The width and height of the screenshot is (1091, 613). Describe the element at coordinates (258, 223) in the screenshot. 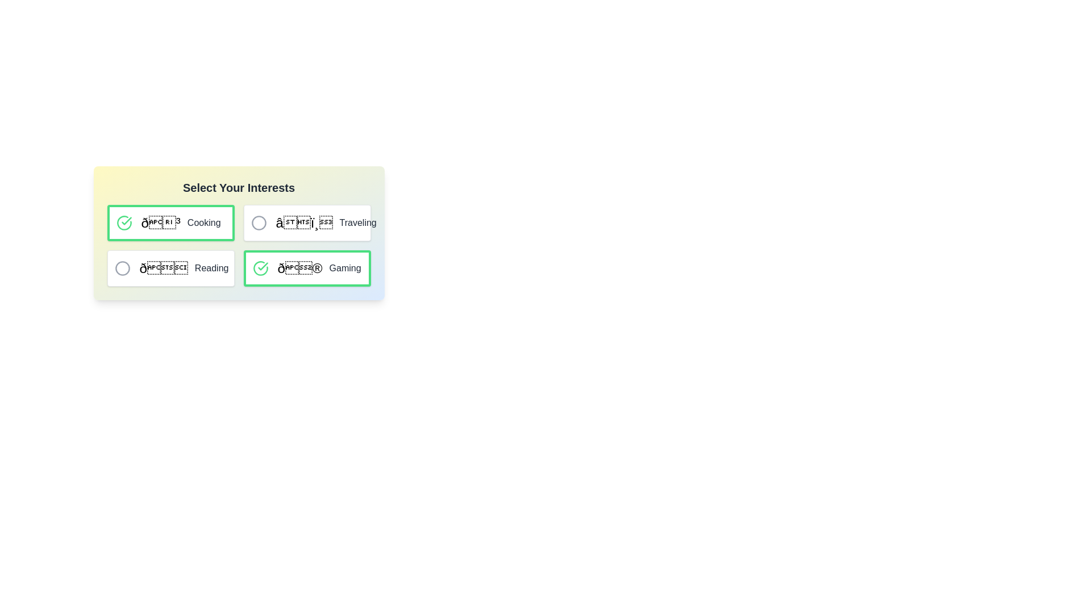

I see `the interest Traveling` at that location.